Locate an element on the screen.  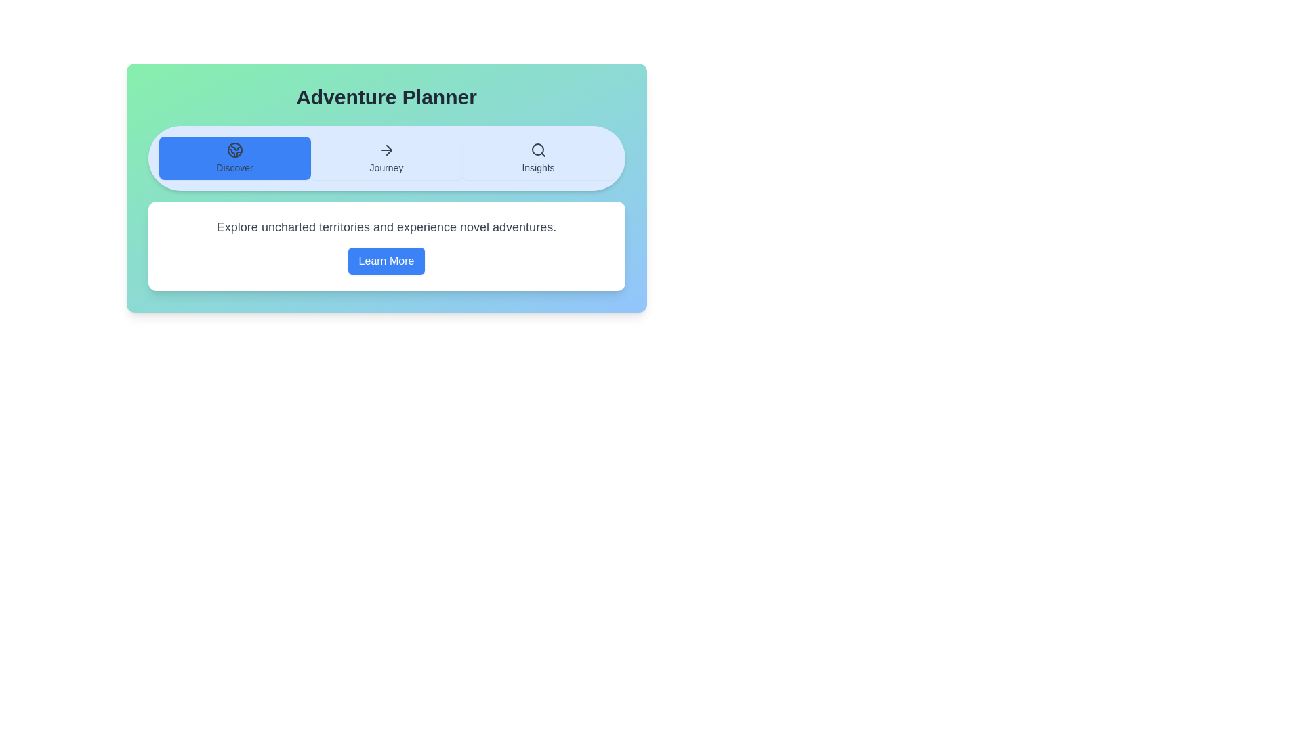
the text content of the 'Journey' tab label located in the center tab of the top navigation panel, which is aligned with the 'Discover' and 'Insights' tabs is located at coordinates (386, 167).